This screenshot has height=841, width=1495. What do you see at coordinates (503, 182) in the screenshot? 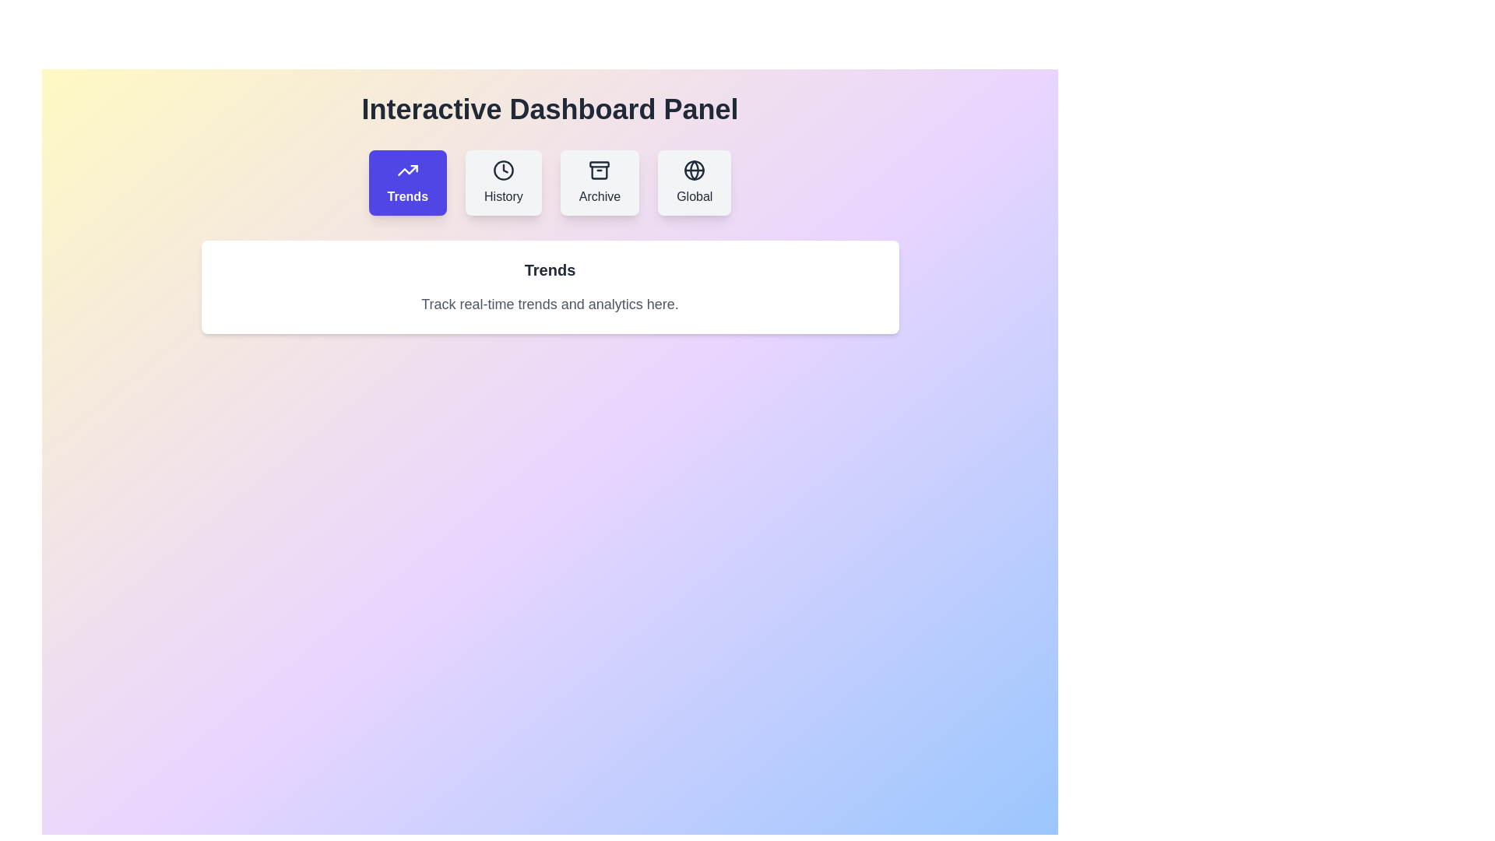
I see `the button labeled History to observe its hover effect` at bounding box center [503, 182].